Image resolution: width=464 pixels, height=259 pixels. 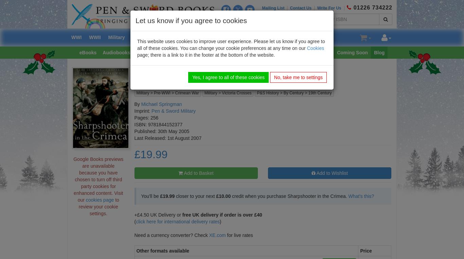 What do you see at coordinates (103, 52) in the screenshot?
I see `'Audiobooks'` at bounding box center [103, 52].